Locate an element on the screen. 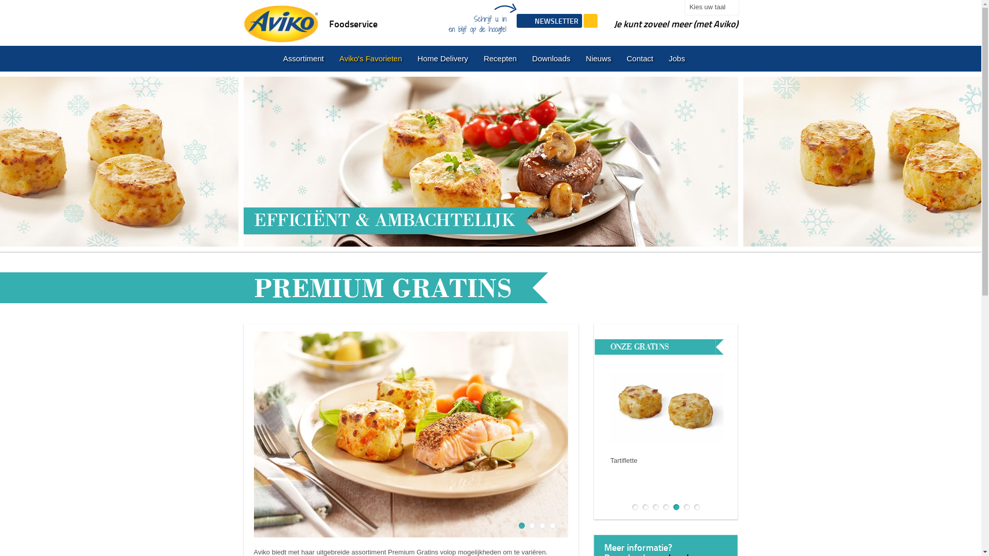 The image size is (989, 556). 'Home Delivery' is located at coordinates (410, 59).